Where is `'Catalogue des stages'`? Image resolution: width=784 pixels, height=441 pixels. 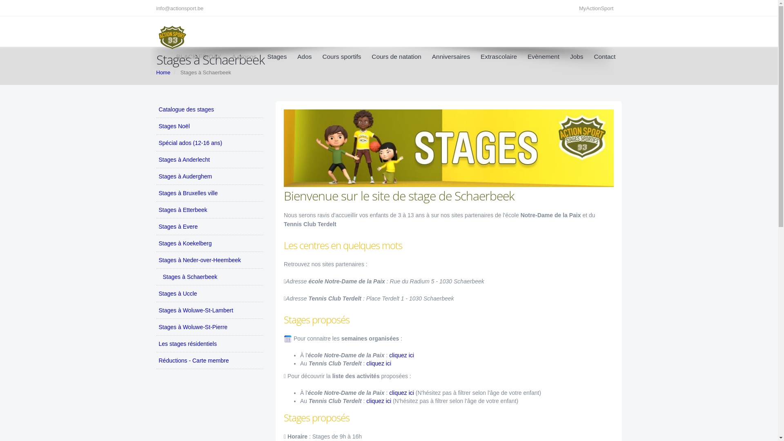
'Catalogue des stages' is located at coordinates (209, 109).